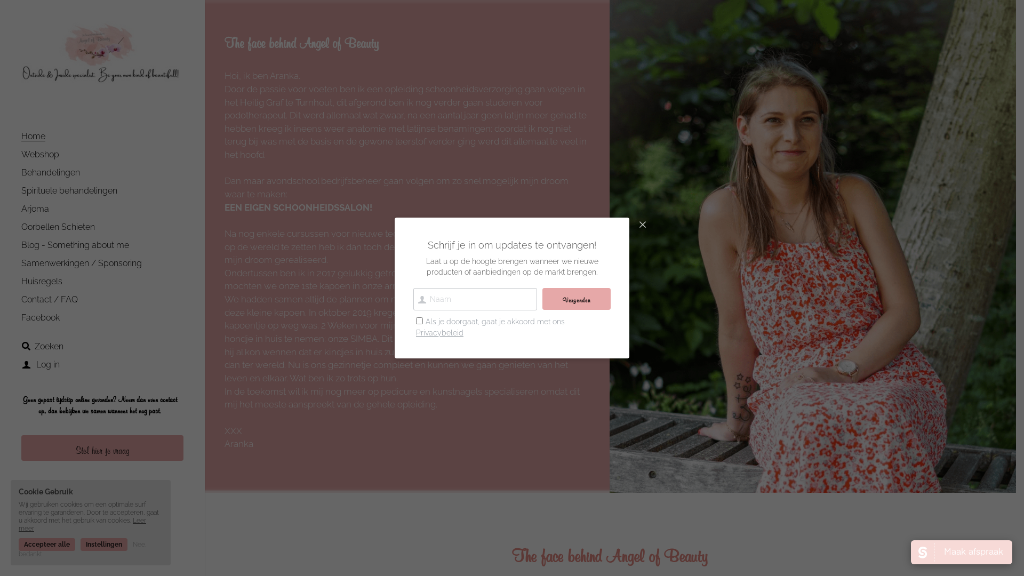  Describe the element at coordinates (21, 135) in the screenshot. I see `'Home'` at that location.